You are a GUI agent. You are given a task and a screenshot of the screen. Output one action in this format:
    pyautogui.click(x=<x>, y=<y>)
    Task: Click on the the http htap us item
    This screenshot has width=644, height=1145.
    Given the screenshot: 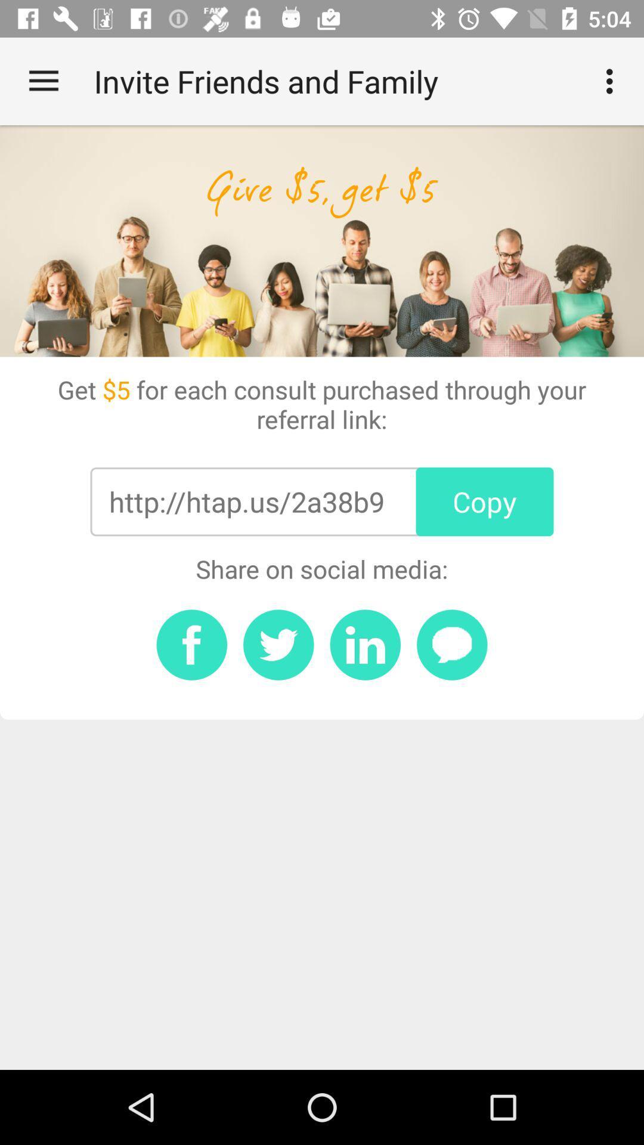 What is the action you would take?
    pyautogui.click(x=246, y=502)
    